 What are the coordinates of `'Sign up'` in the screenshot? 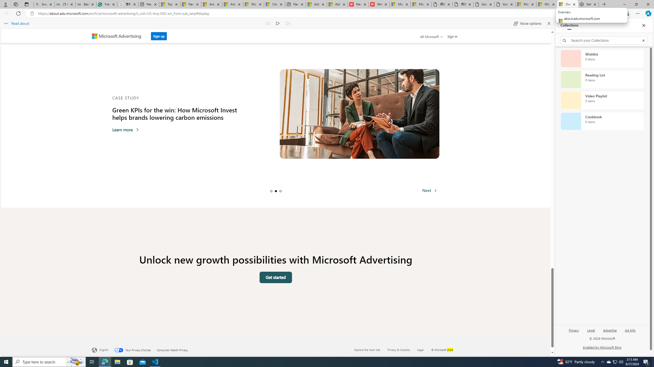 It's located at (159, 34).